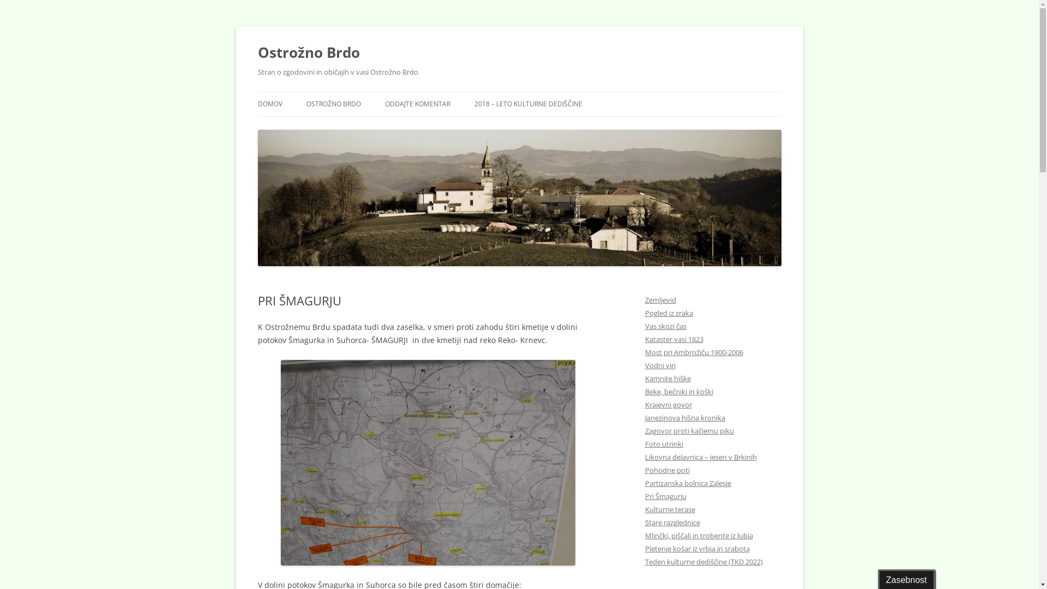 Image resolution: width=1047 pixels, height=589 pixels. Describe the element at coordinates (269, 104) in the screenshot. I see `'DOMOV'` at that location.